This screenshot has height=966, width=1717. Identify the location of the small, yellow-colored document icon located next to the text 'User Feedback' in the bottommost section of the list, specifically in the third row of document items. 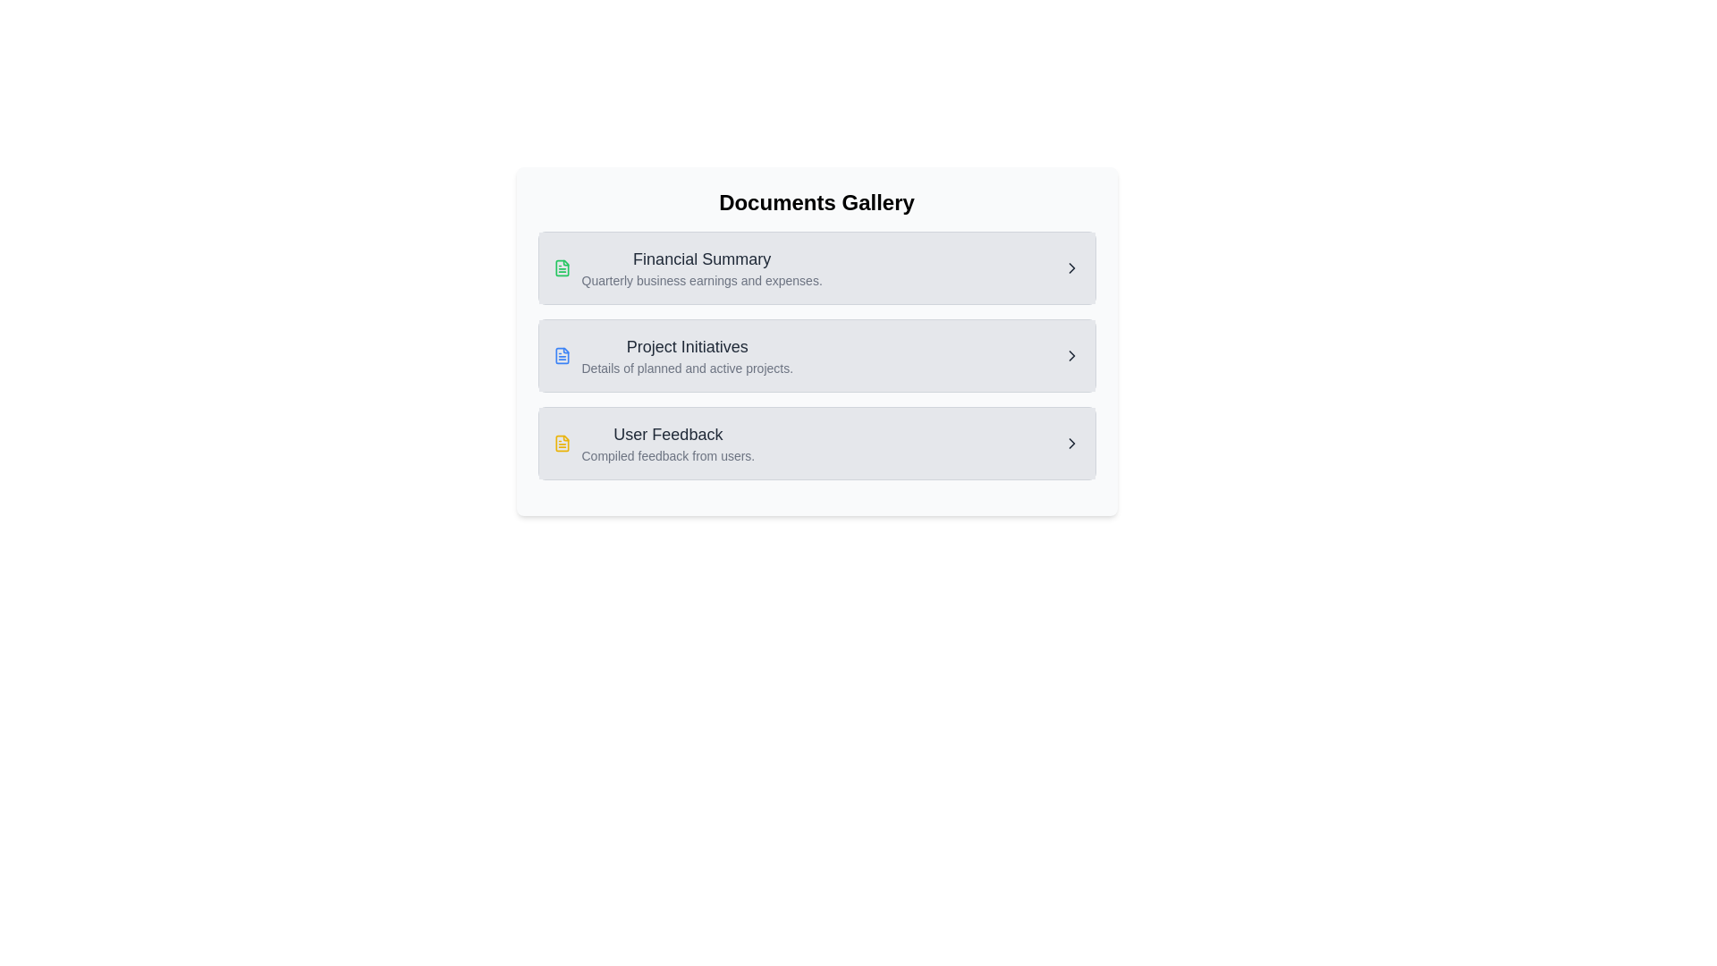
(561, 443).